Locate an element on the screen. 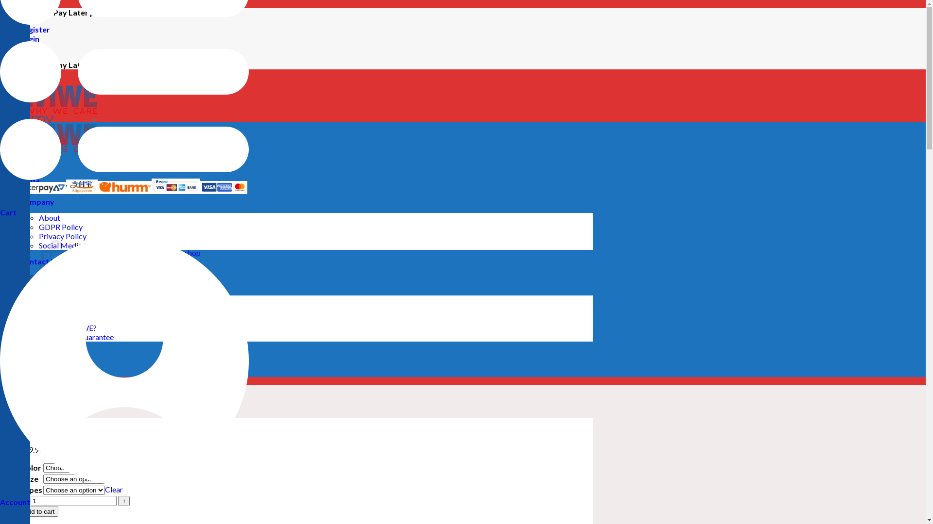 This screenshot has height=524, width=933. 'Privacy Policy' is located at coordinates (62, 236).